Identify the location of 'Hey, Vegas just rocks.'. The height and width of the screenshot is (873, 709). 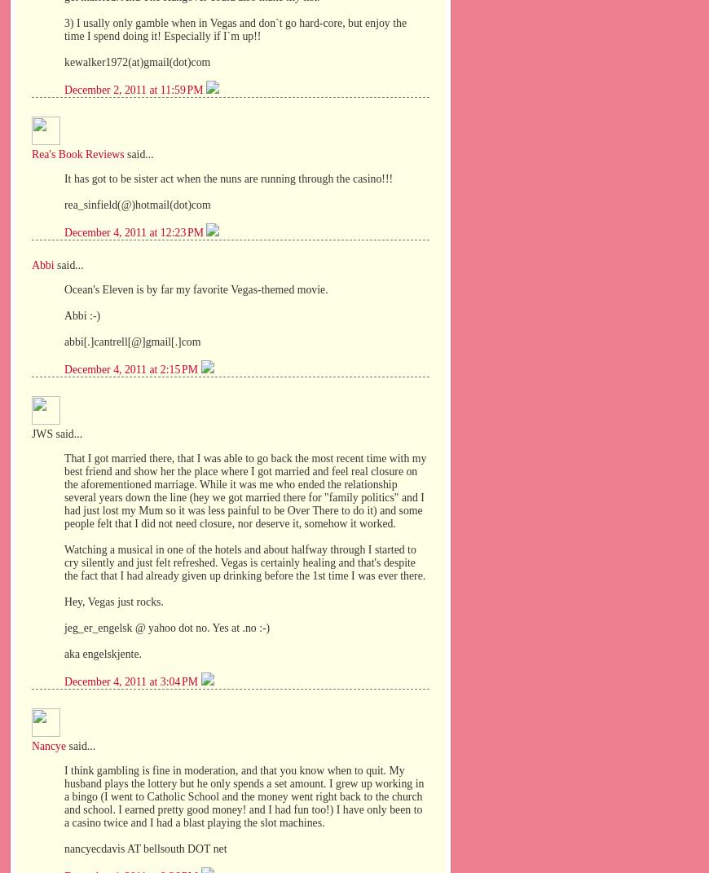
(63, 601).